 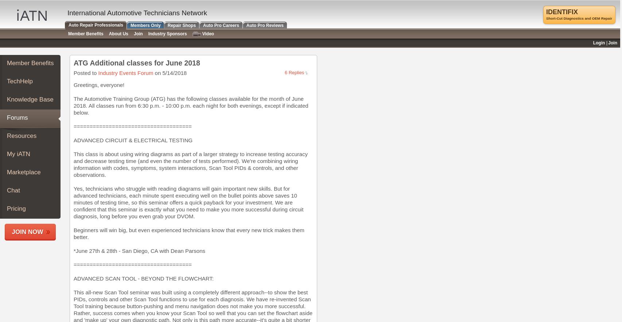 I want to click on 'Posted to', so click(x=86, y=73).